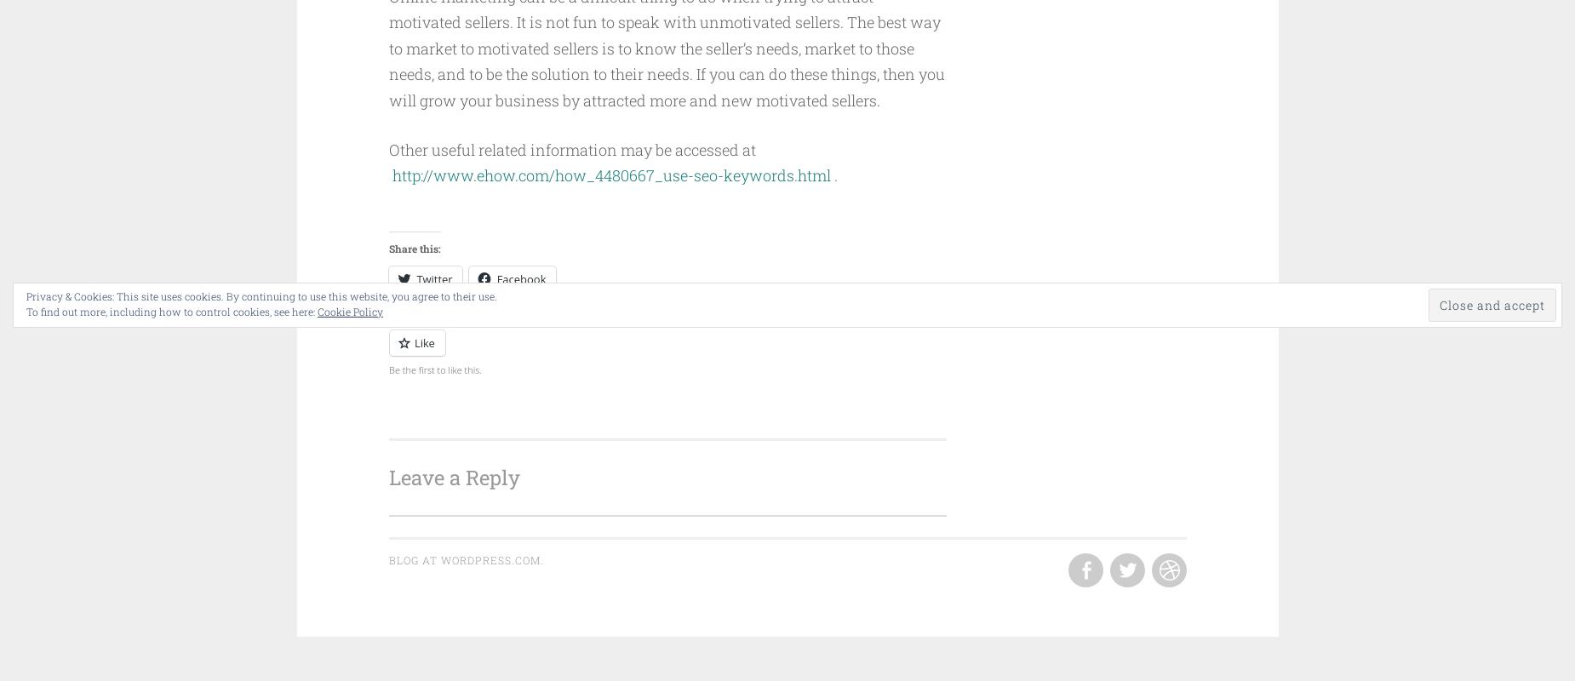  I want to click on 'Leave a Reply', so click(453, 477).